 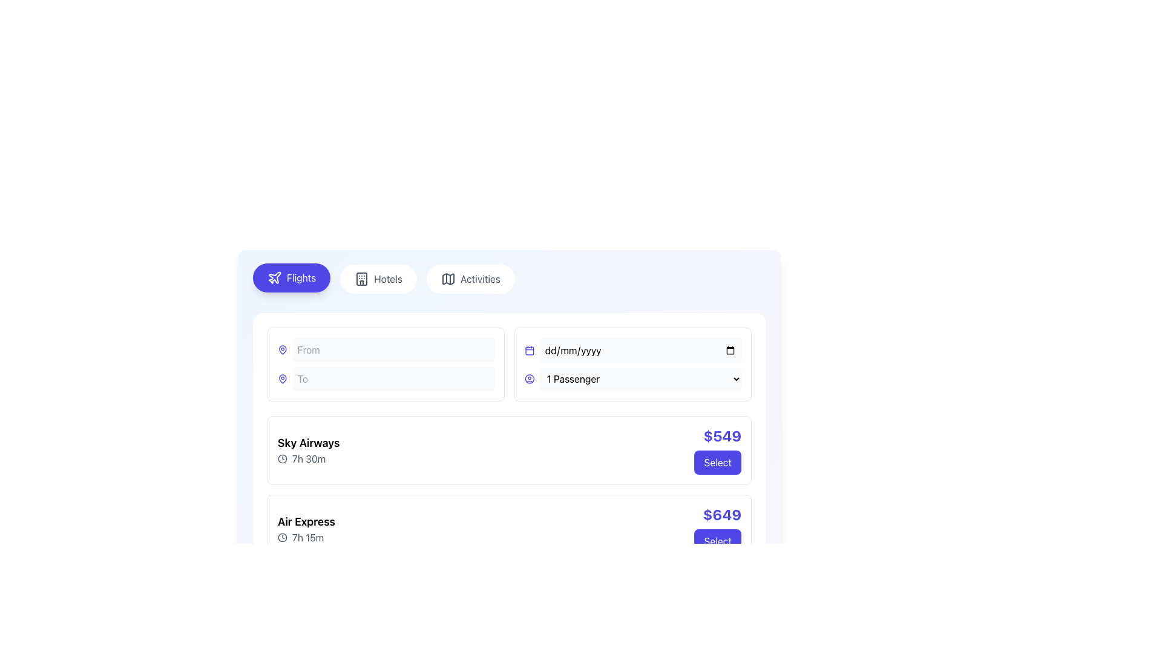 What do you see at coordinates (308, 537) in the screenshot?
I see `the displayed text of the duration label located under the 'Air Express' flight option, adjacent to the clock icon` at bounding box center [308, 537].